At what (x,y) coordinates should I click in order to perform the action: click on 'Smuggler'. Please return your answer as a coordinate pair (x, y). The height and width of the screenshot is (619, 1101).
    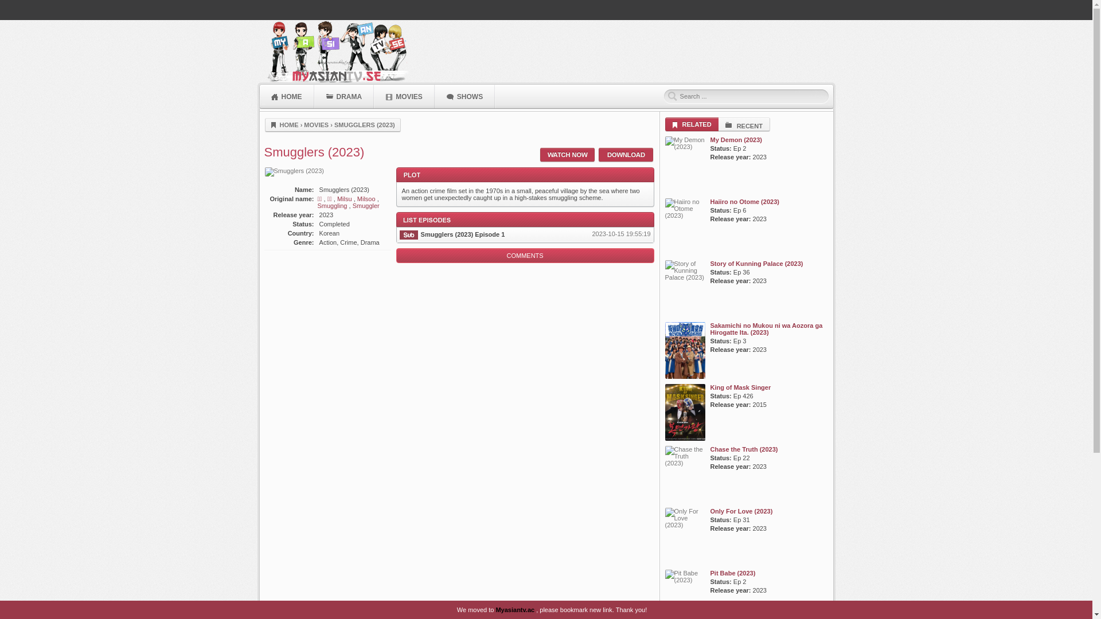
    Looking at the image, I should click on (352, 205).